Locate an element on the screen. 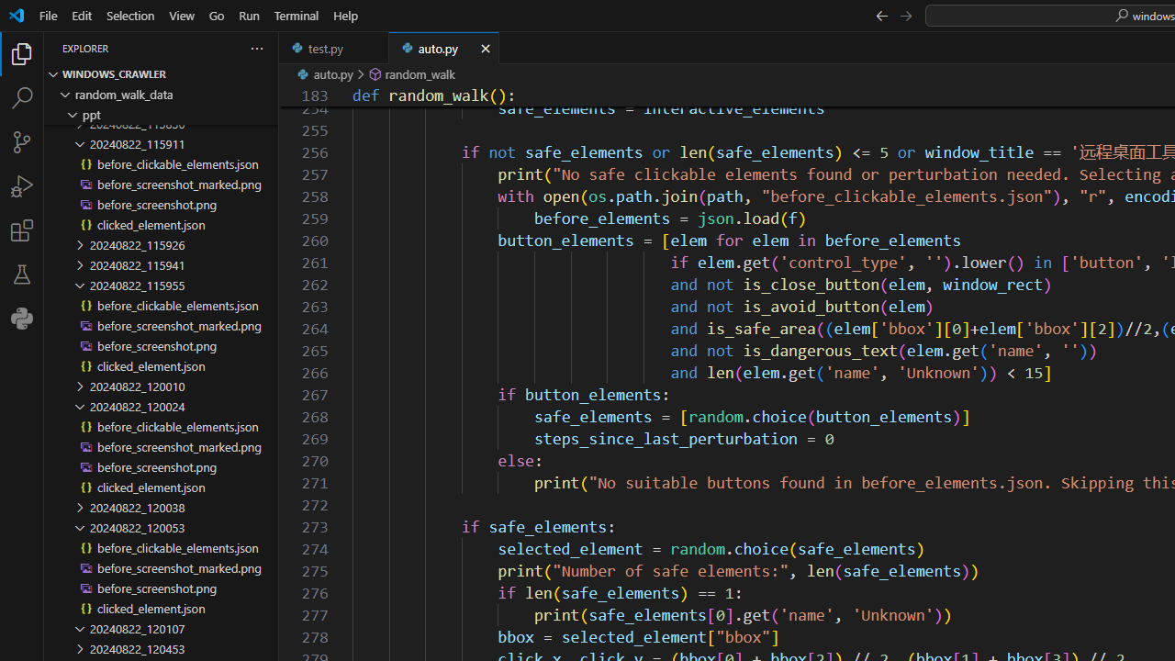 This screenshot has width=1175, height=661. 'Edit' is located at coordinates (81, 15).